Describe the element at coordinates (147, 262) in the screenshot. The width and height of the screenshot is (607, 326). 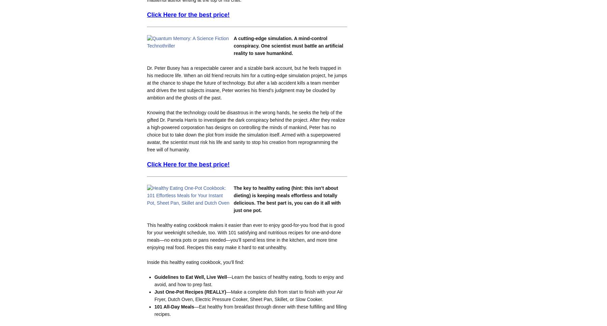
I see `'Inside this healthy eating cookbook, you’ll find:'` at that location.